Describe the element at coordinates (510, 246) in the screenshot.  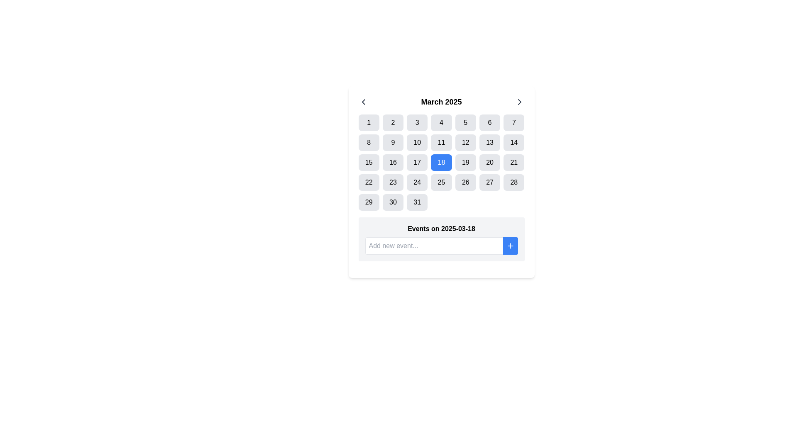
I see `the distinct button at the bottom right of the event input field` at that location.